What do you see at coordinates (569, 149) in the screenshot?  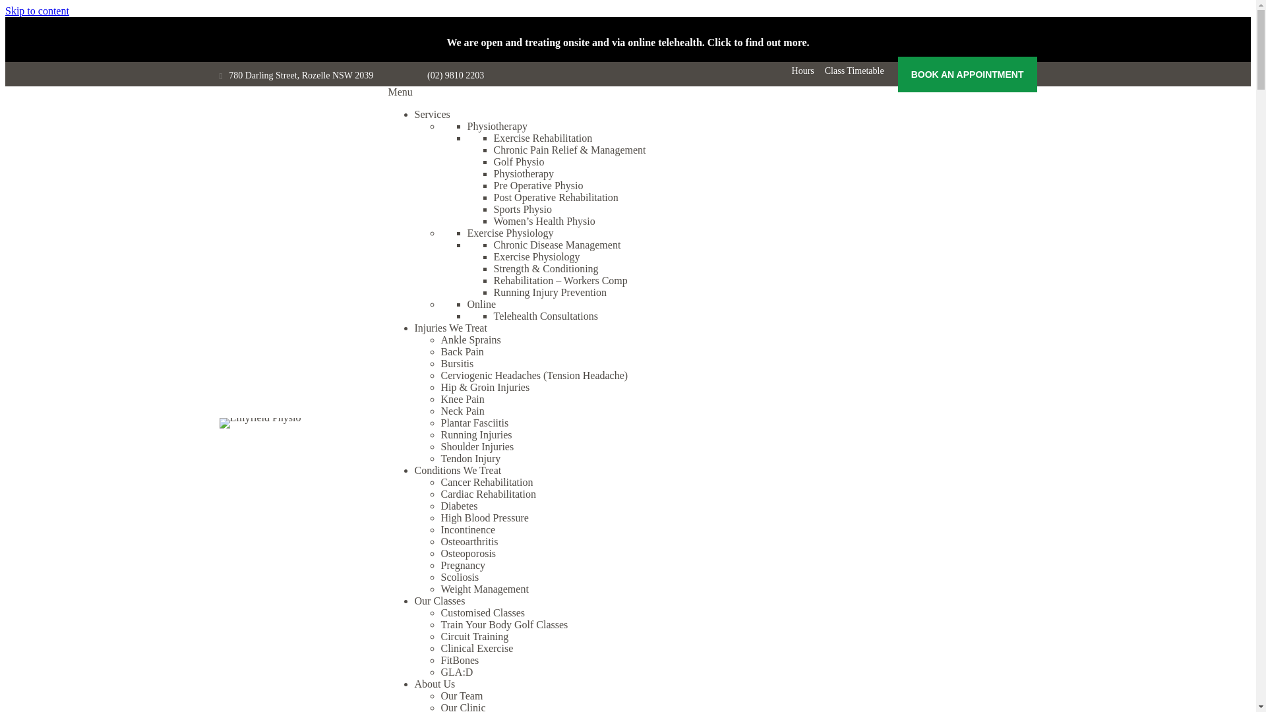 I see `'Chronic Pain Relief & Management'` at bounding box center [569, 149].